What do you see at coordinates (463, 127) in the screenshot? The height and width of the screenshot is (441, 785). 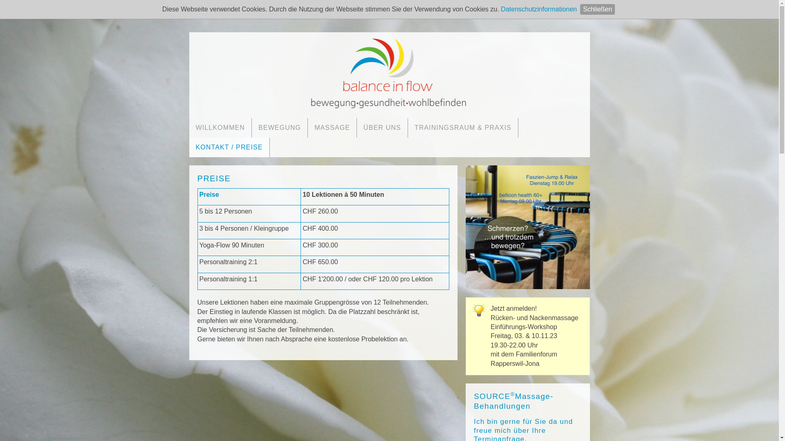 I see `'TRAININGSRAUM & PRAXIS'` at bounding box center [463, 127].